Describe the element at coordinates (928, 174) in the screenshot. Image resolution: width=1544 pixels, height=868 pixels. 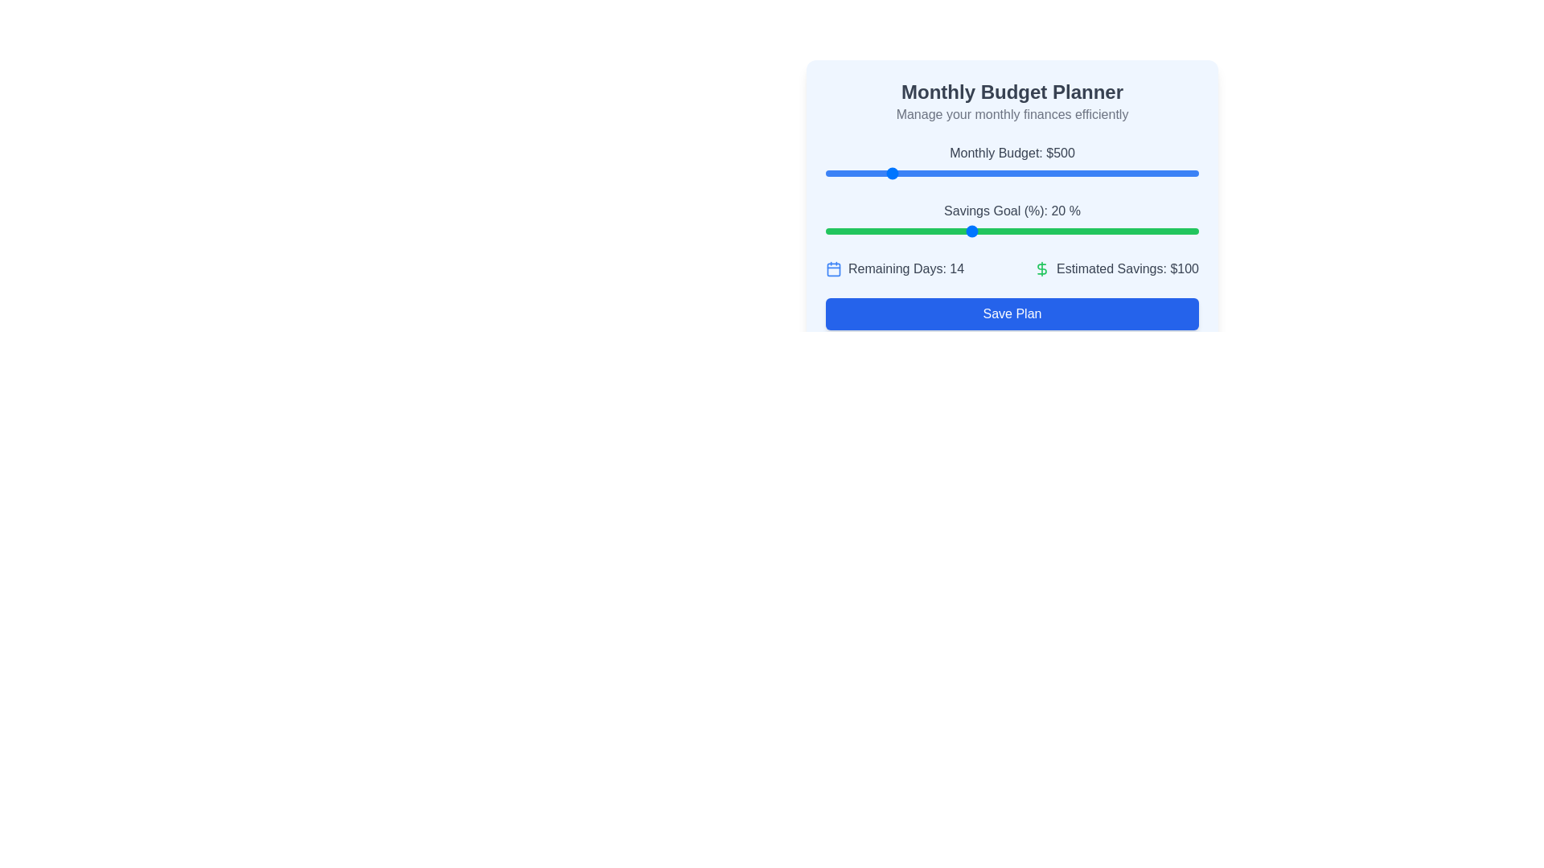
I see `the budget` at that location.